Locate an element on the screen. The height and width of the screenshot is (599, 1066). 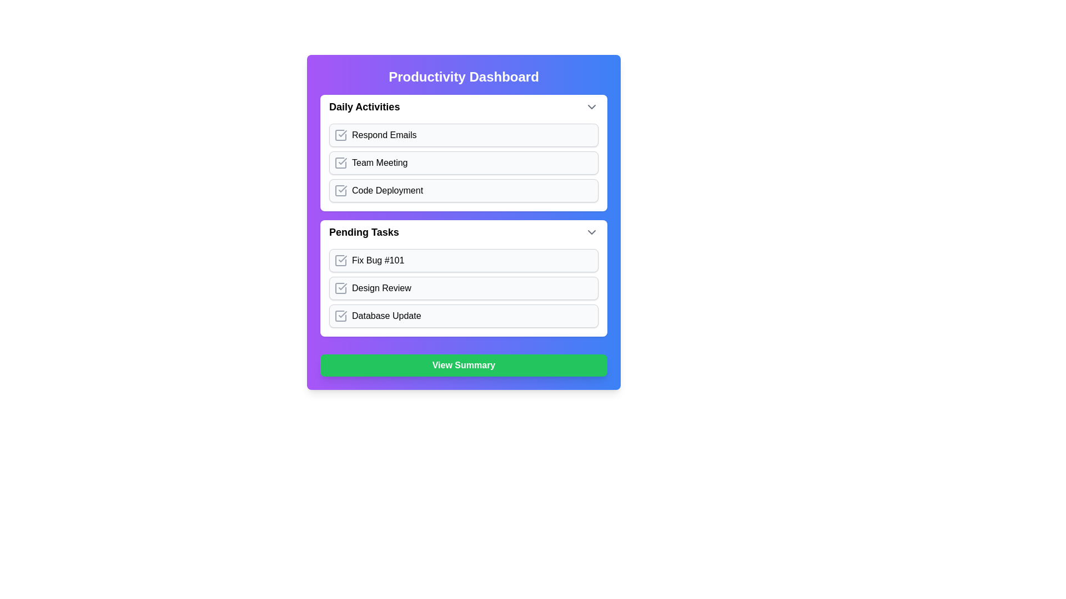
the checkbox outline located to the left of the 'Design Review' text in the second row of the 'Pending Tasks' section is located at coordinates (340, 288).